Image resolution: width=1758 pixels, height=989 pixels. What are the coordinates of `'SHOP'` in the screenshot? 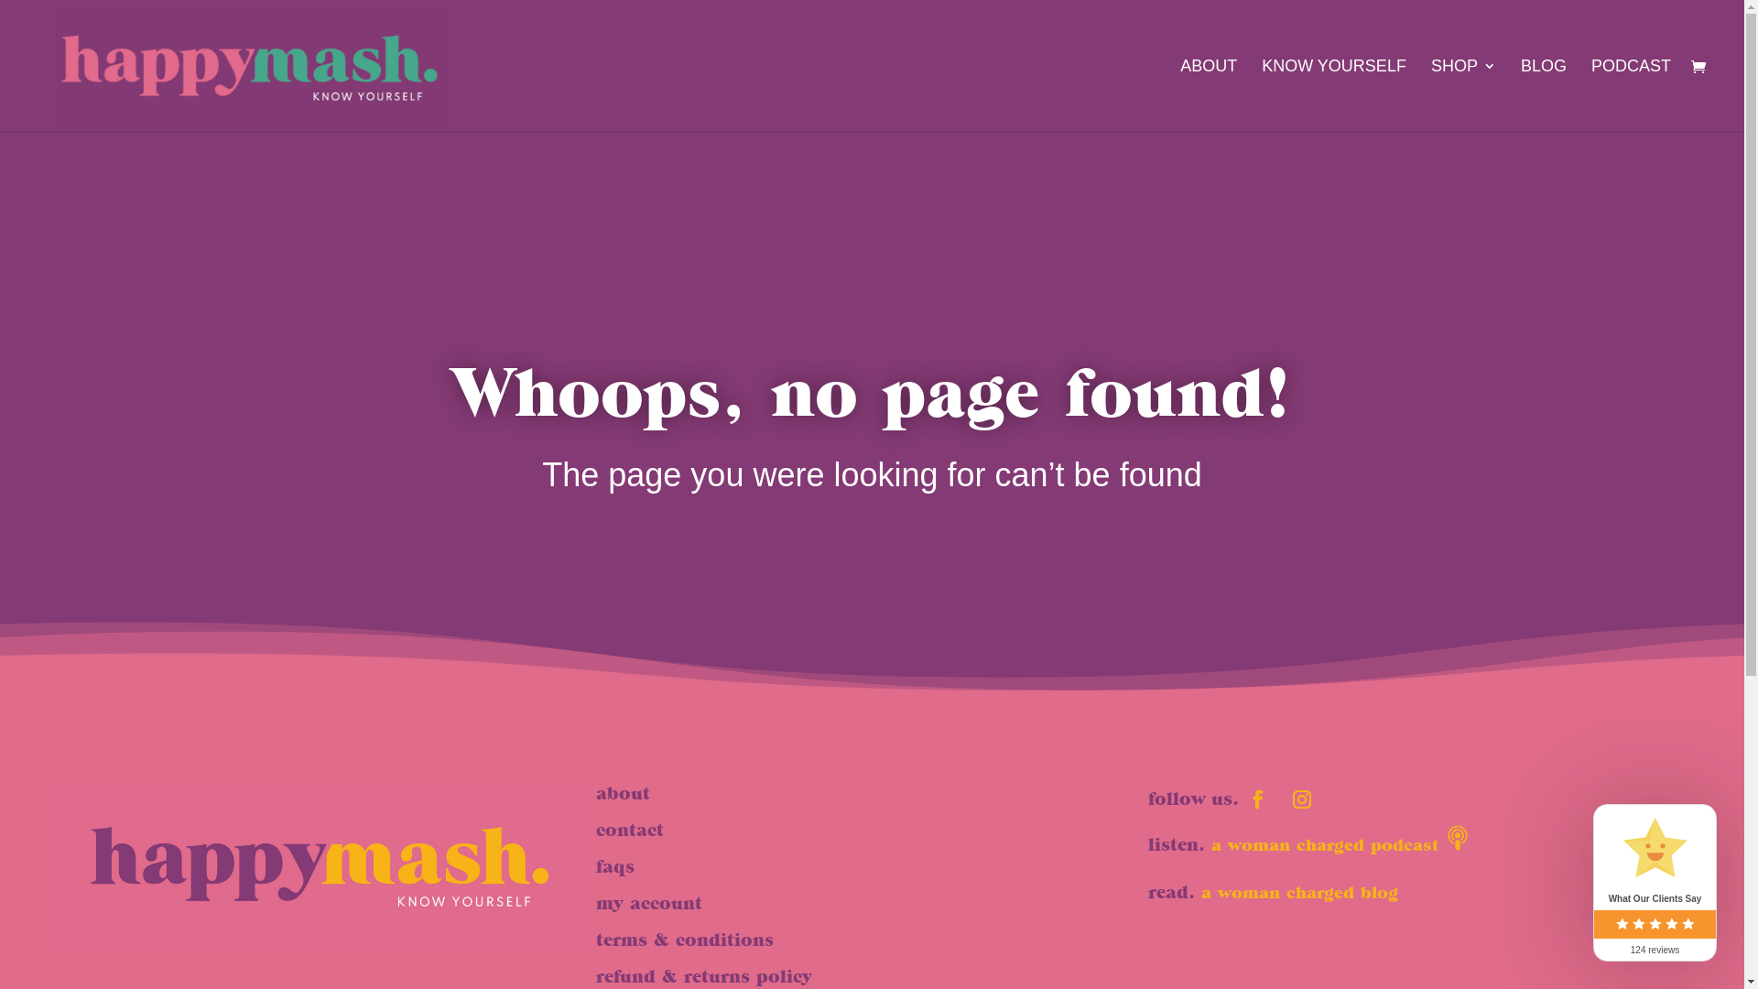 It's located at (1430, 95).